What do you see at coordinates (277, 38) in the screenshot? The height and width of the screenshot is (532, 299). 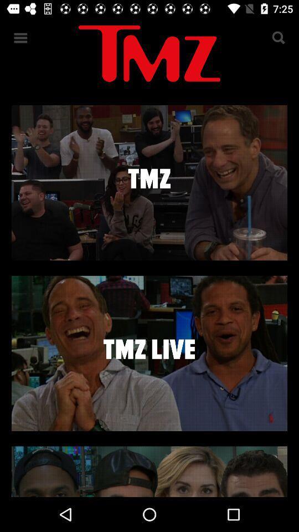 I see `the search icon` at bounding box center [277, 38].